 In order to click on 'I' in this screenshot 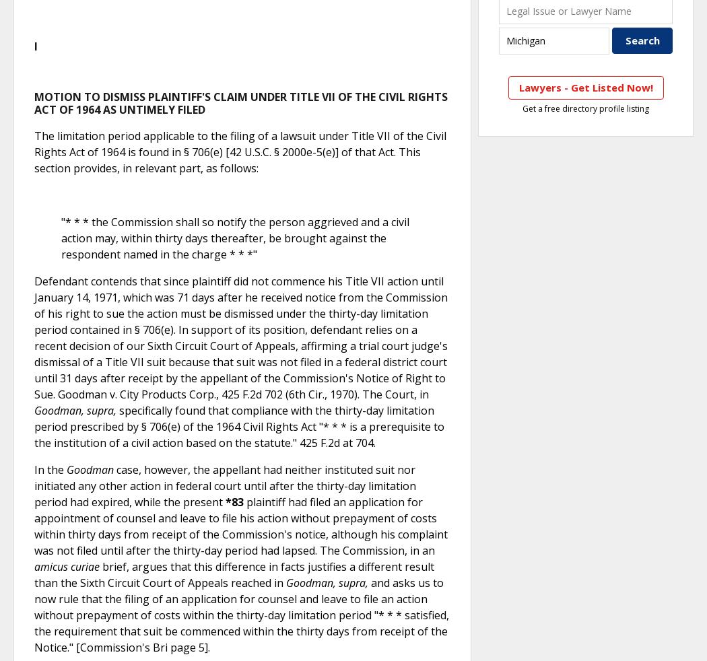, I will do `click(35, 44)`.